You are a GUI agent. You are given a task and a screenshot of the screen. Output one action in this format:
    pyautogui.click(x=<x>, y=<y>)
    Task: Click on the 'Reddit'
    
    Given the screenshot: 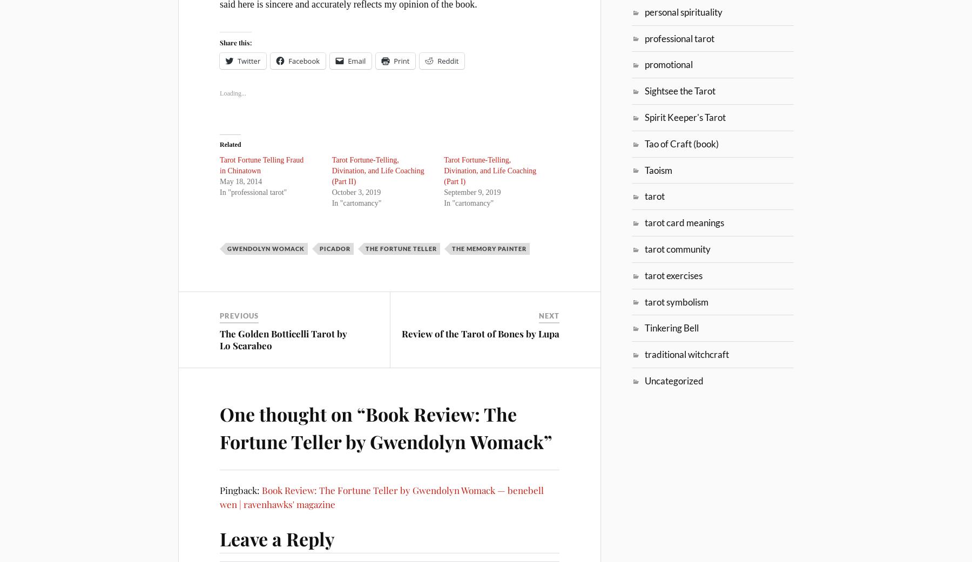 What is the action you would take?
    pyautogui.click(x=448, y=60)
    